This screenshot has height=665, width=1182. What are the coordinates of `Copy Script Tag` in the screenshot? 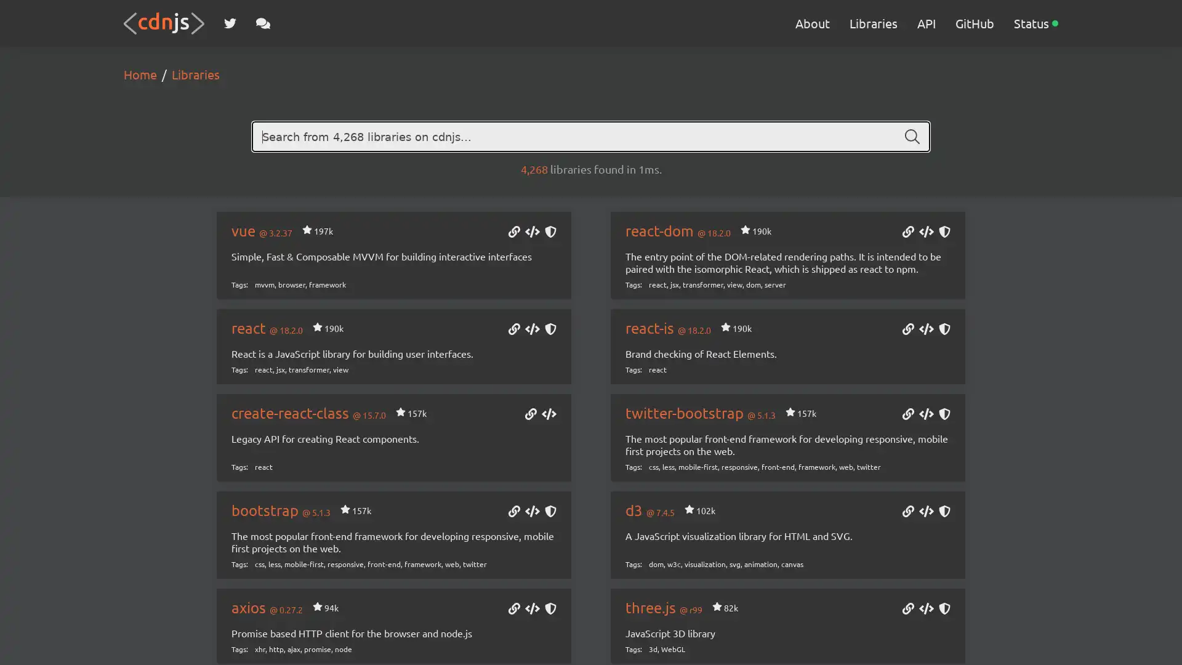 It's located at (925, 512).